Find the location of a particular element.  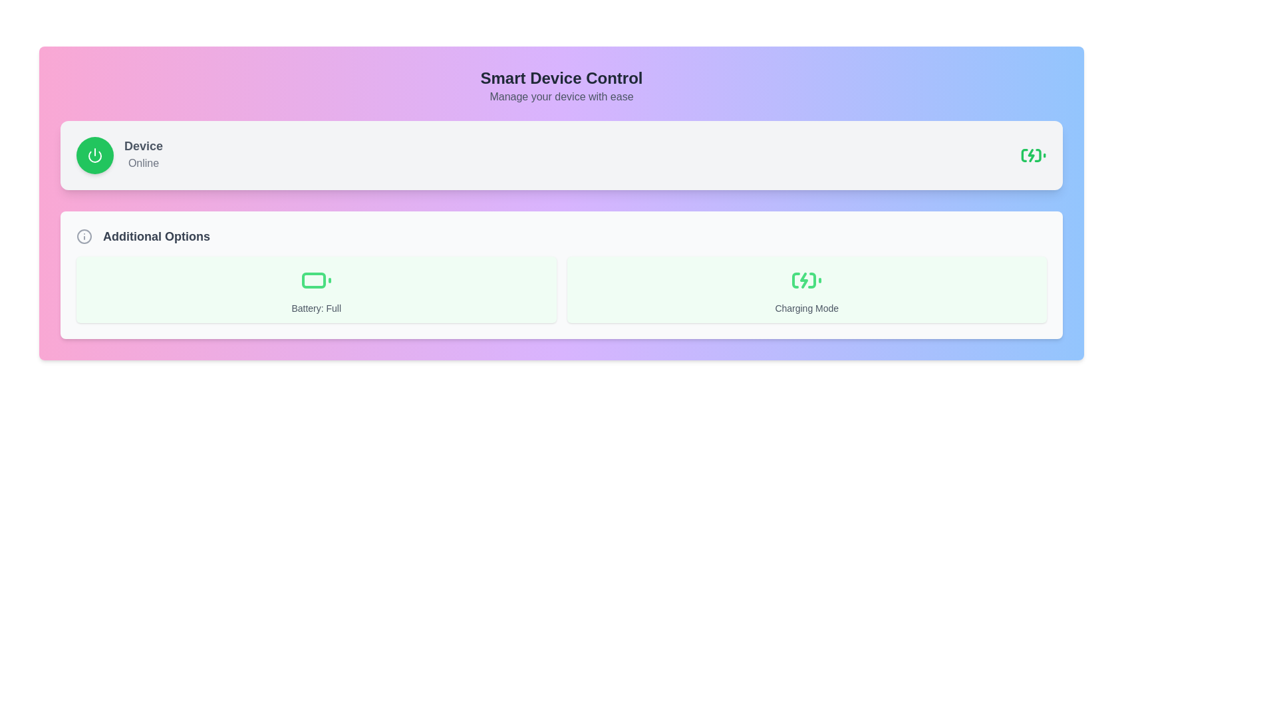

the Icon component of the battery icon located in the center-left area of the battery icon, which is part of the 'Additional Options' section next to 'Battery: Full' is located at coordinates (313, 279).